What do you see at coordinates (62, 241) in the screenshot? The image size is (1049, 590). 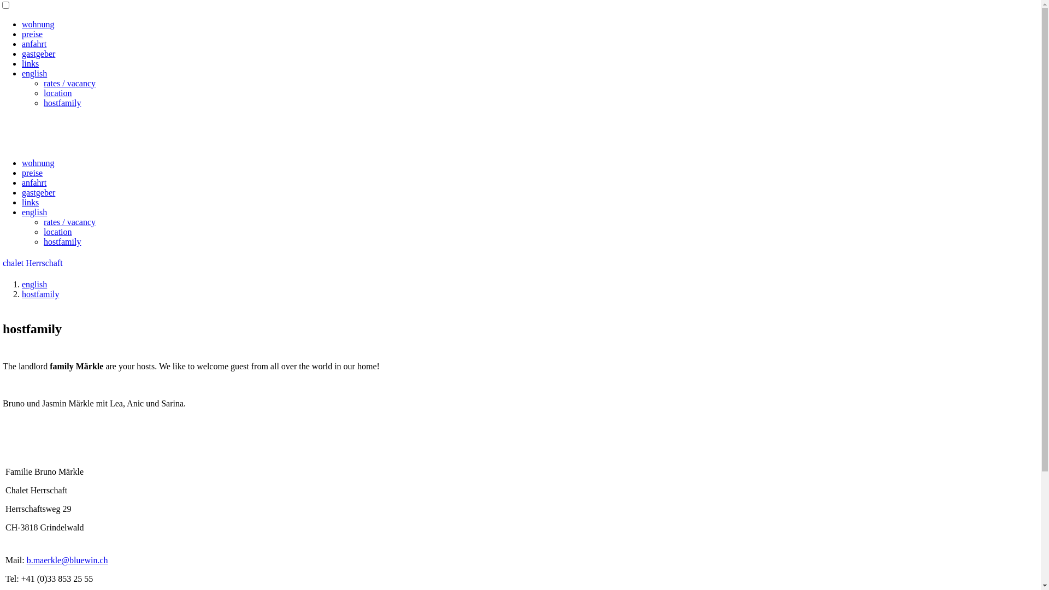 I see `'hostfamily'` at bounding box center [62, 241].